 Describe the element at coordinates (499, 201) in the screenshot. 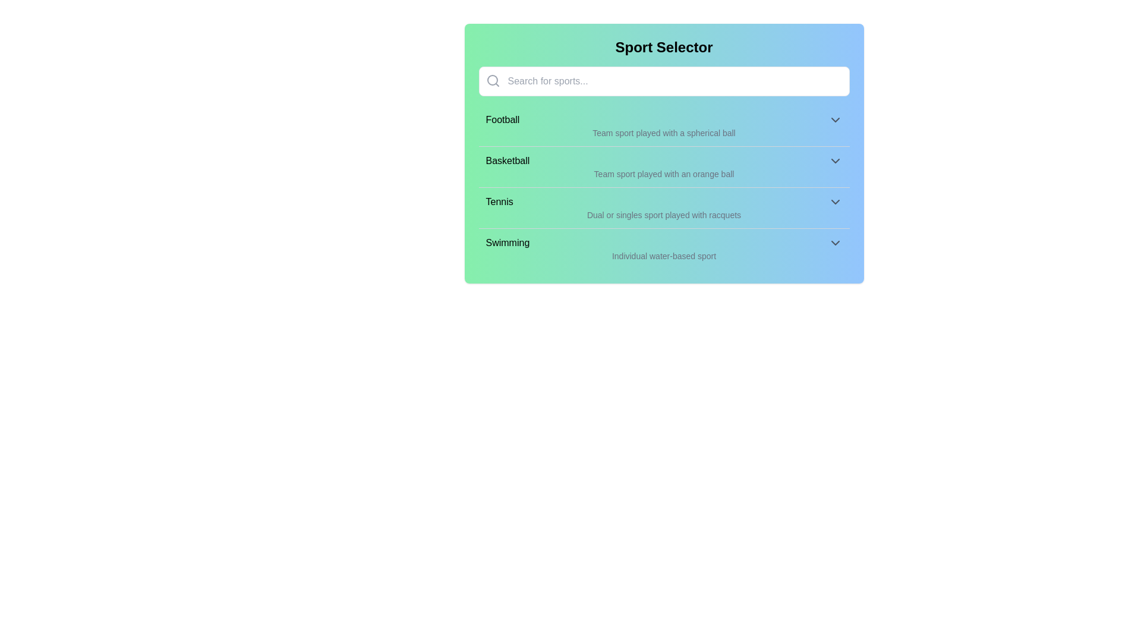

I see `the 'Tennis' label in the sports options list` at that location.